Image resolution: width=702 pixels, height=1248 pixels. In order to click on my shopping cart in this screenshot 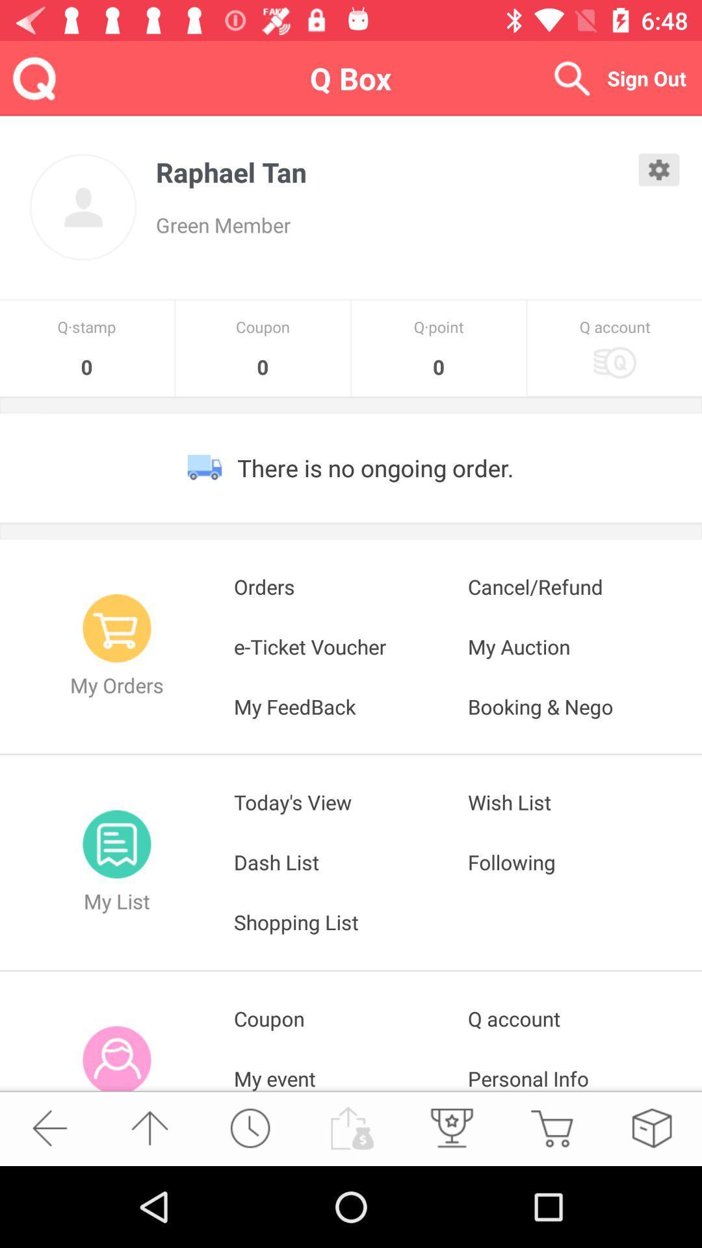, I will do `click(551, 1127)`.